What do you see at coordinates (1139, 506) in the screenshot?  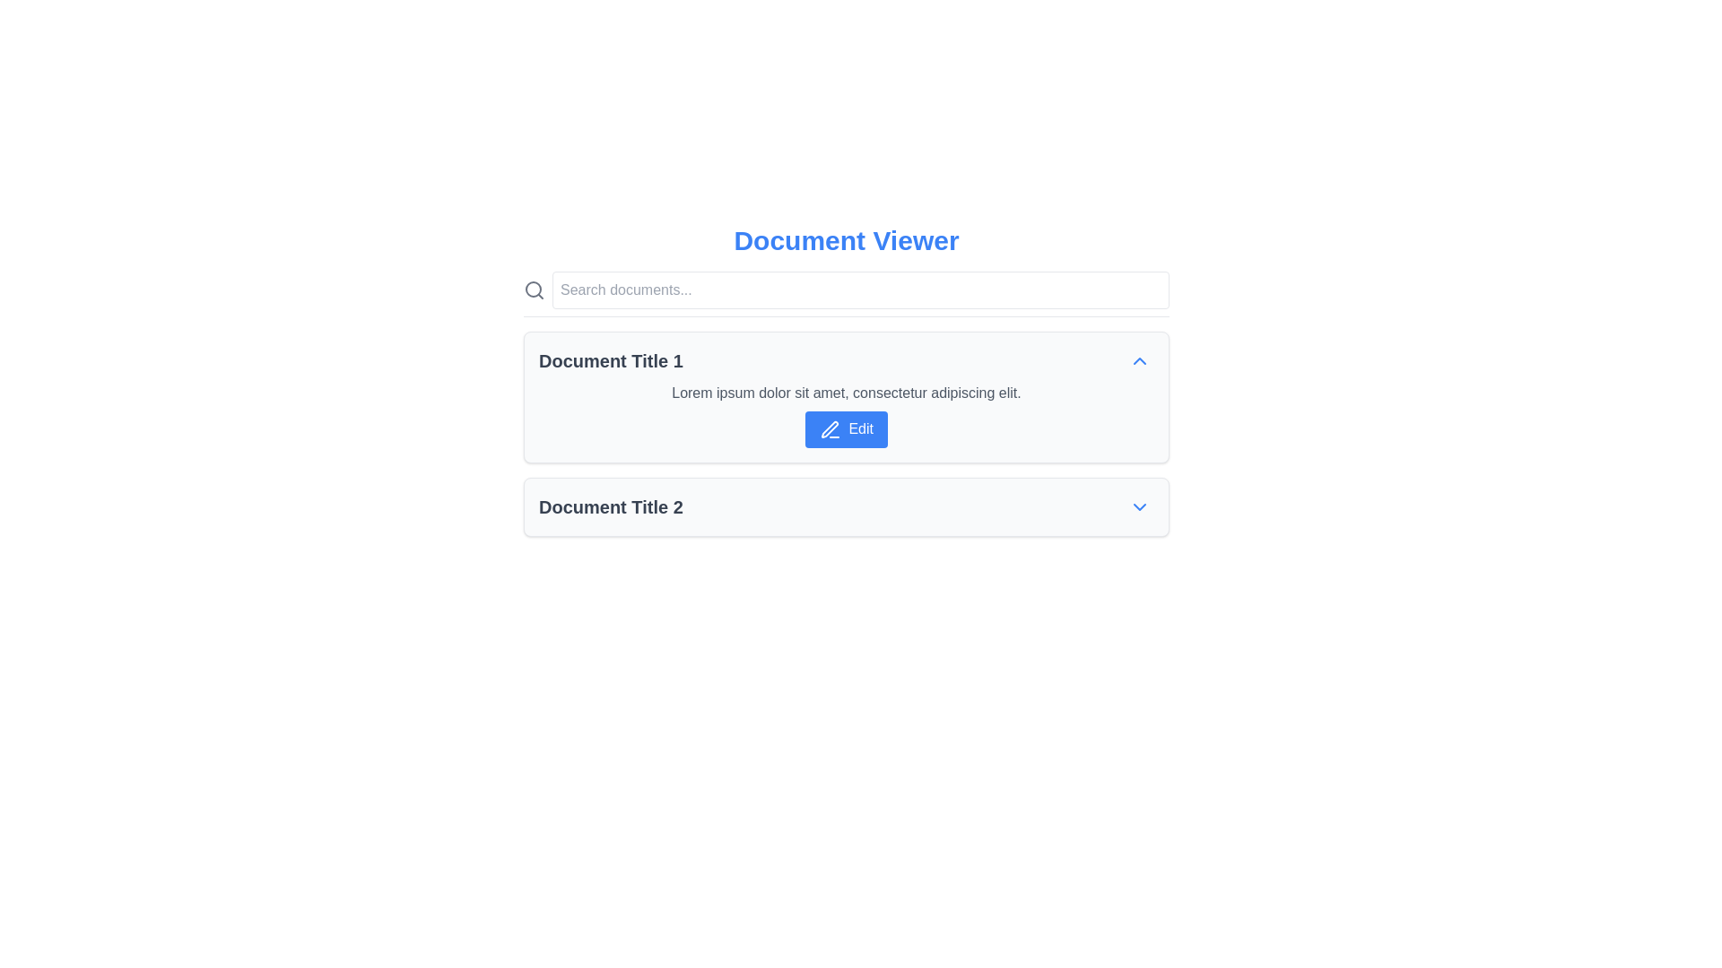 I see `the Dropdown toggle icon located within the second document card titled 'Document Title 2'` at bounding box center [1139, 506].